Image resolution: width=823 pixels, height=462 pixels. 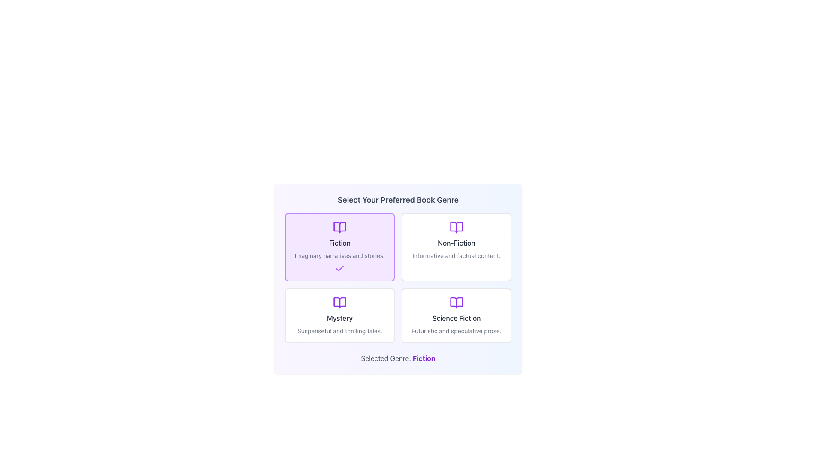 I want to click on the purple book icon in the Science Fiction genre selection area, located above the text 'Science Fiction', so click(x=456, y=302).